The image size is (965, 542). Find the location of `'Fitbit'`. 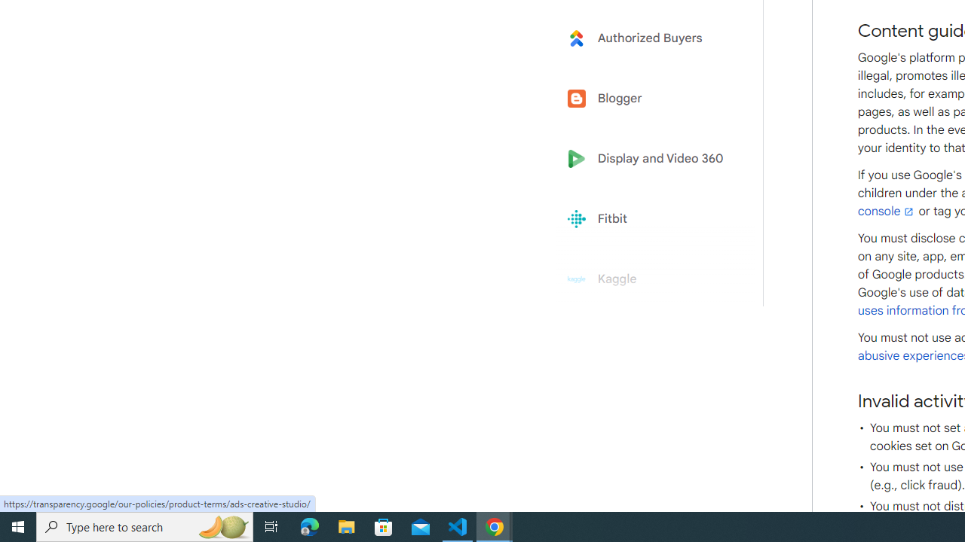

'Fitbit' is located at coordinates (650, 219).